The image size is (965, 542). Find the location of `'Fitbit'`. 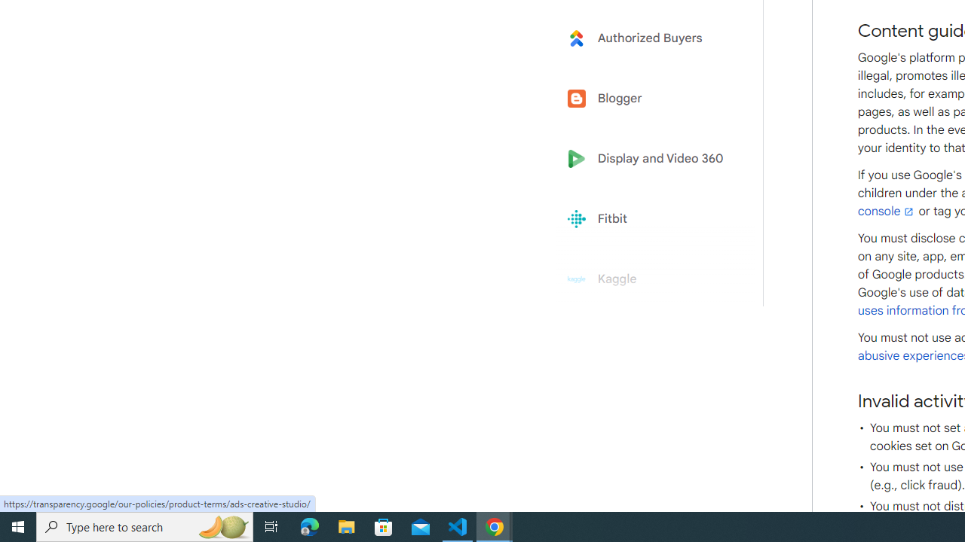

'Fitbit' is located at coordinates (650, 219).